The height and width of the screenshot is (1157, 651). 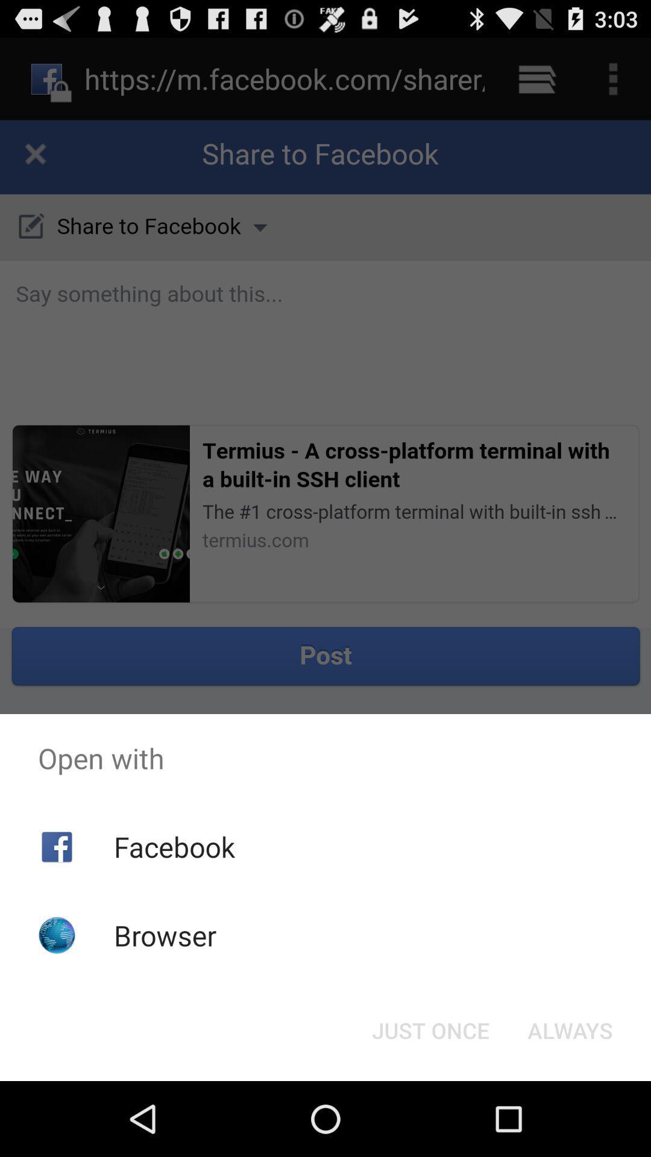 What do you see at coordinates (165, 935) in the screenshot?
I see `the browser icon` at bounding box center [165, 935].